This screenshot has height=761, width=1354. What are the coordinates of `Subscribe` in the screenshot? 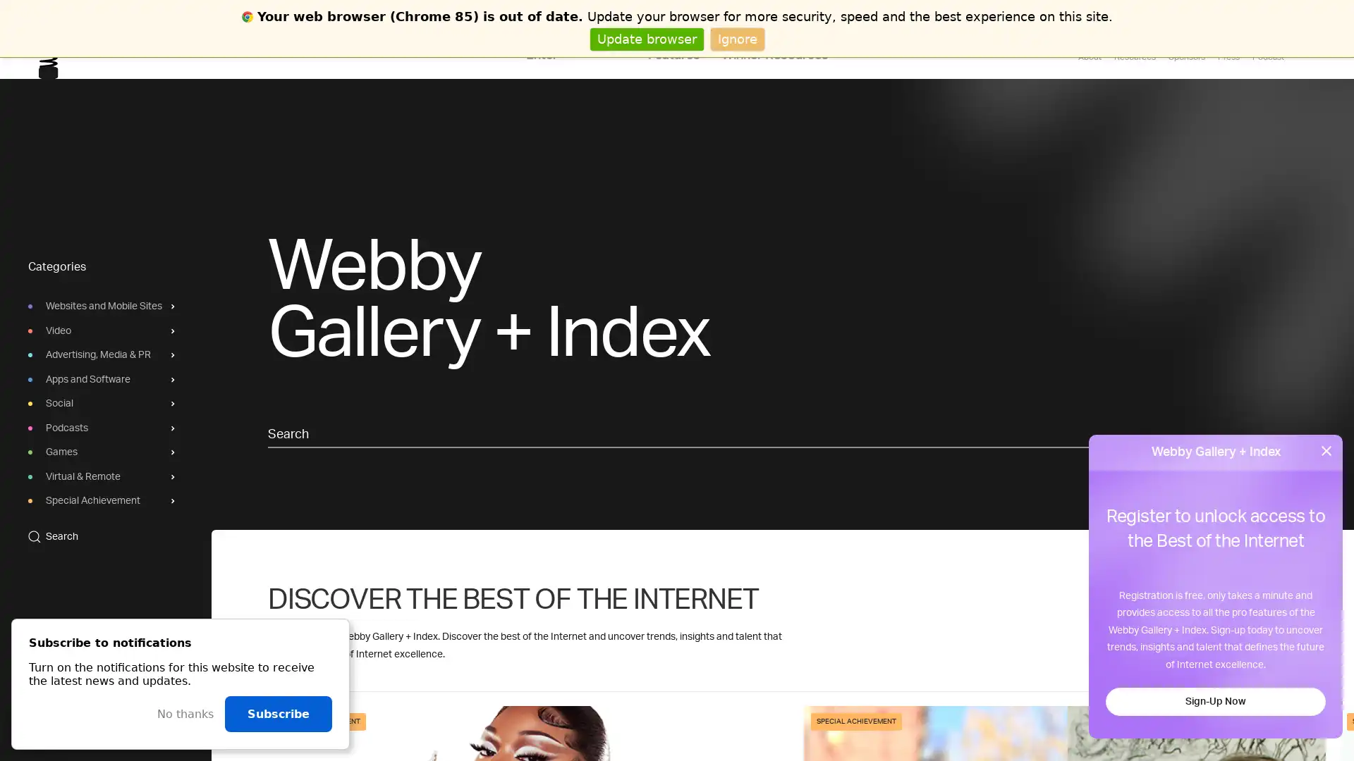 It's located at (278, 714).